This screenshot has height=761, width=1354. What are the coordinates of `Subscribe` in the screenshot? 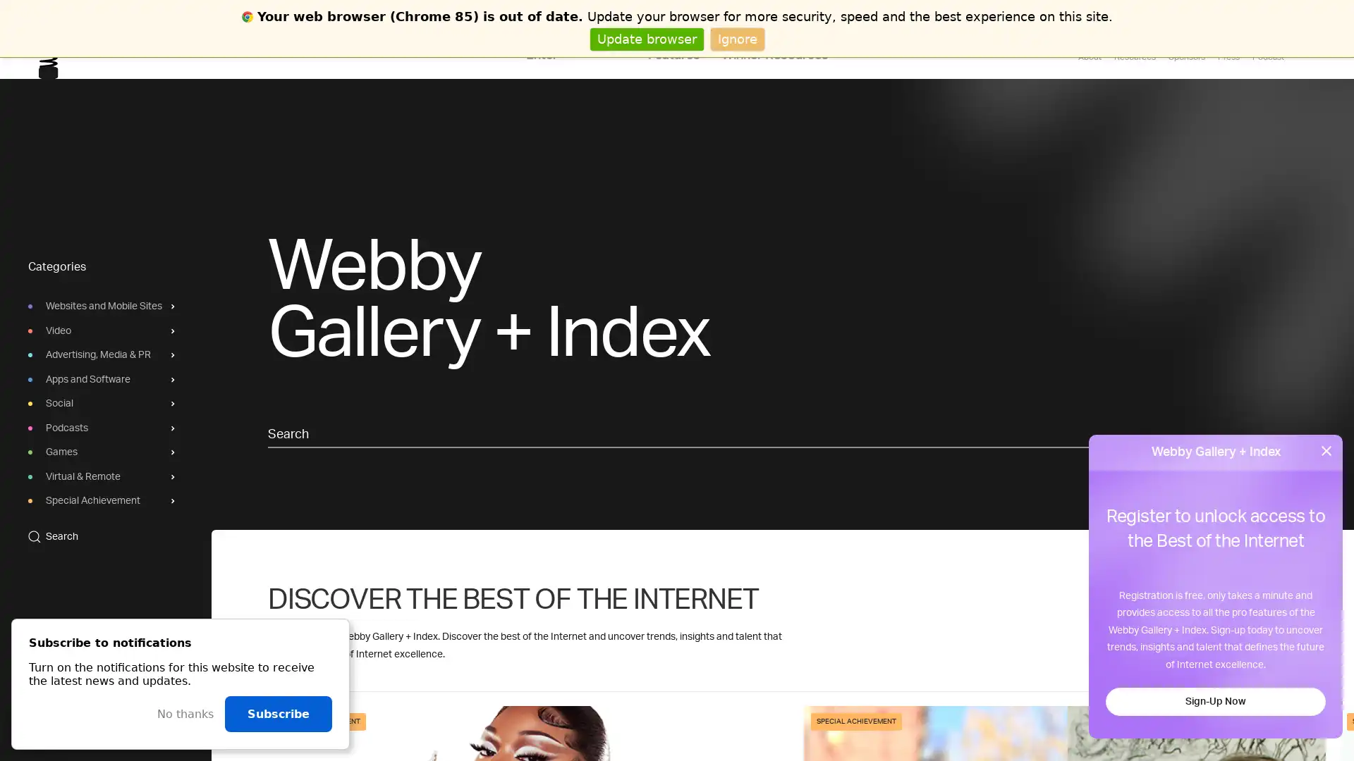 It's located at (278, 714).